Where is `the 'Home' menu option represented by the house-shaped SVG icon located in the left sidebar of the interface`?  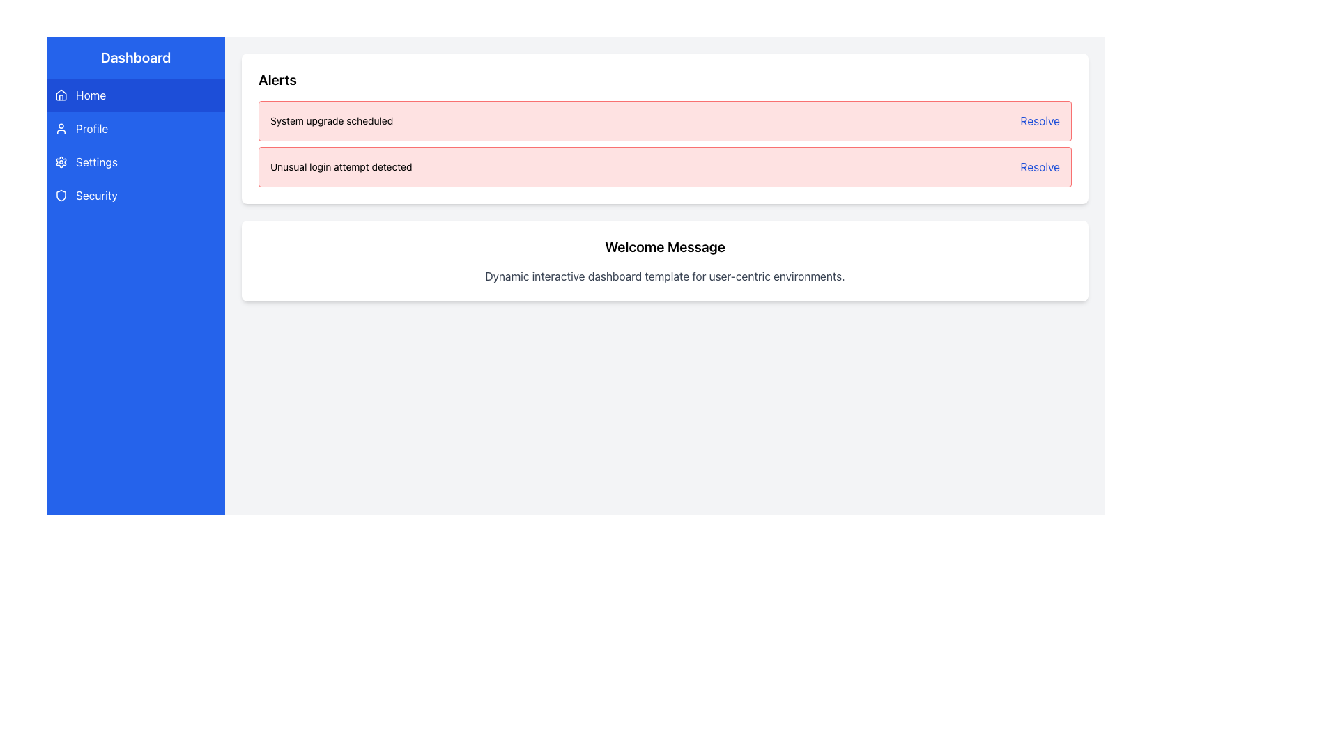 the 'Home' menu option represented by the house-shaped SVG icon located in the left sidebar of the interface is located at coordinates (60, 94).